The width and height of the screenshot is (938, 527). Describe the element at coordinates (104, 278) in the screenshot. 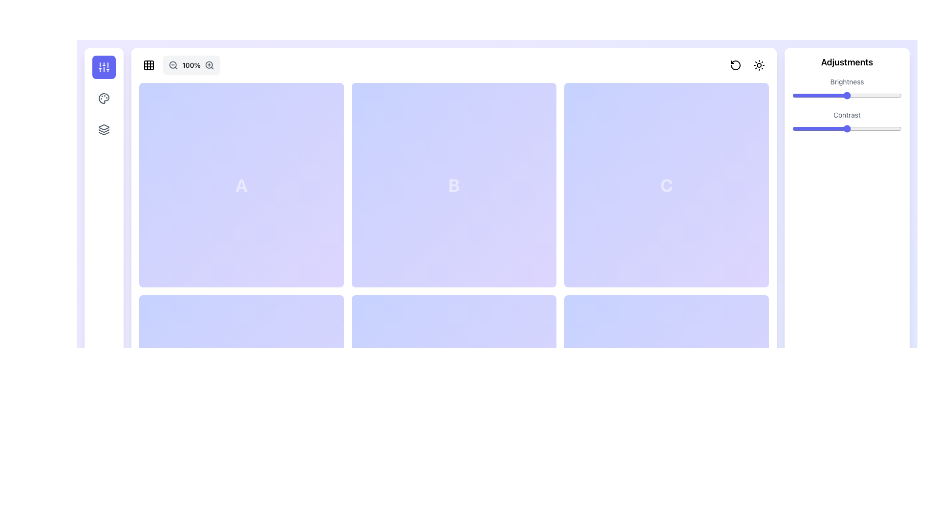

I see `the individual buttons within the vertical toolbar or navigation panel located at the leftmost side of the interface` at that location.